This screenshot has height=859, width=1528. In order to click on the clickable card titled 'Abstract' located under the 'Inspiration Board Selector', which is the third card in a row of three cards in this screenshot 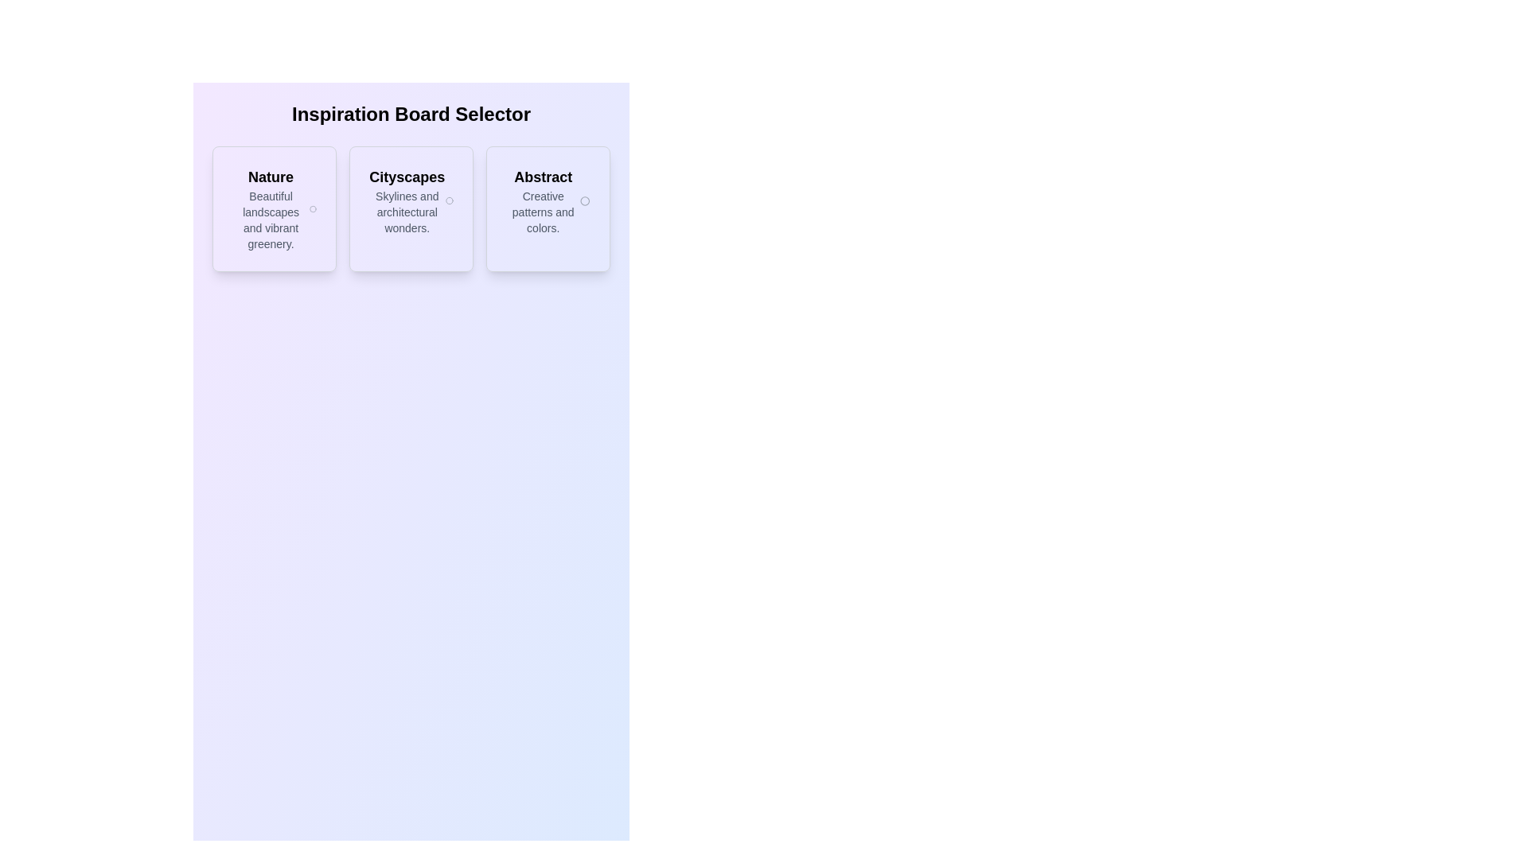, I will do `click(543, 200)`.